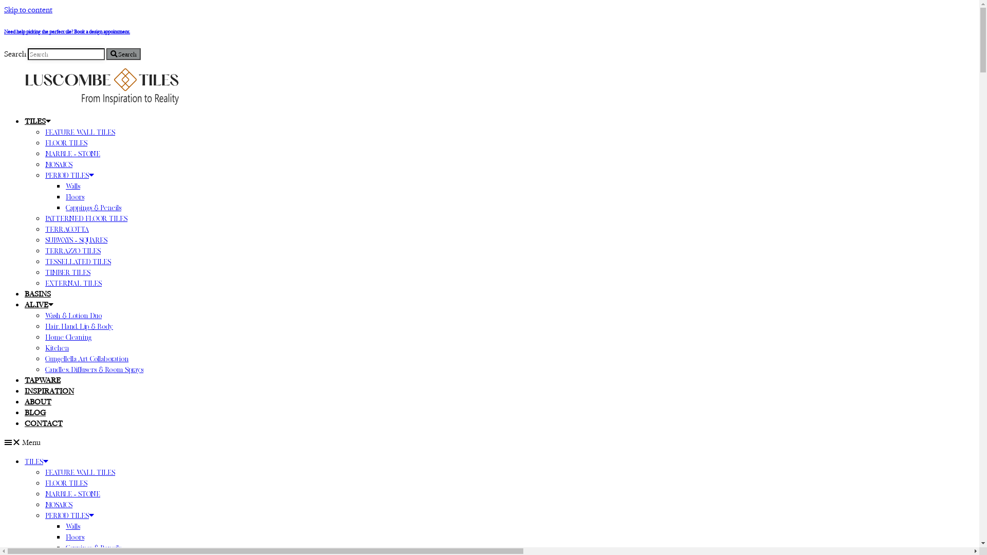 Image resolution: width=987 pixels, height=555 pixels. Describe the element at coordinates (42, 380) in the screenshot. I see `'TAPWARE'` at that location.